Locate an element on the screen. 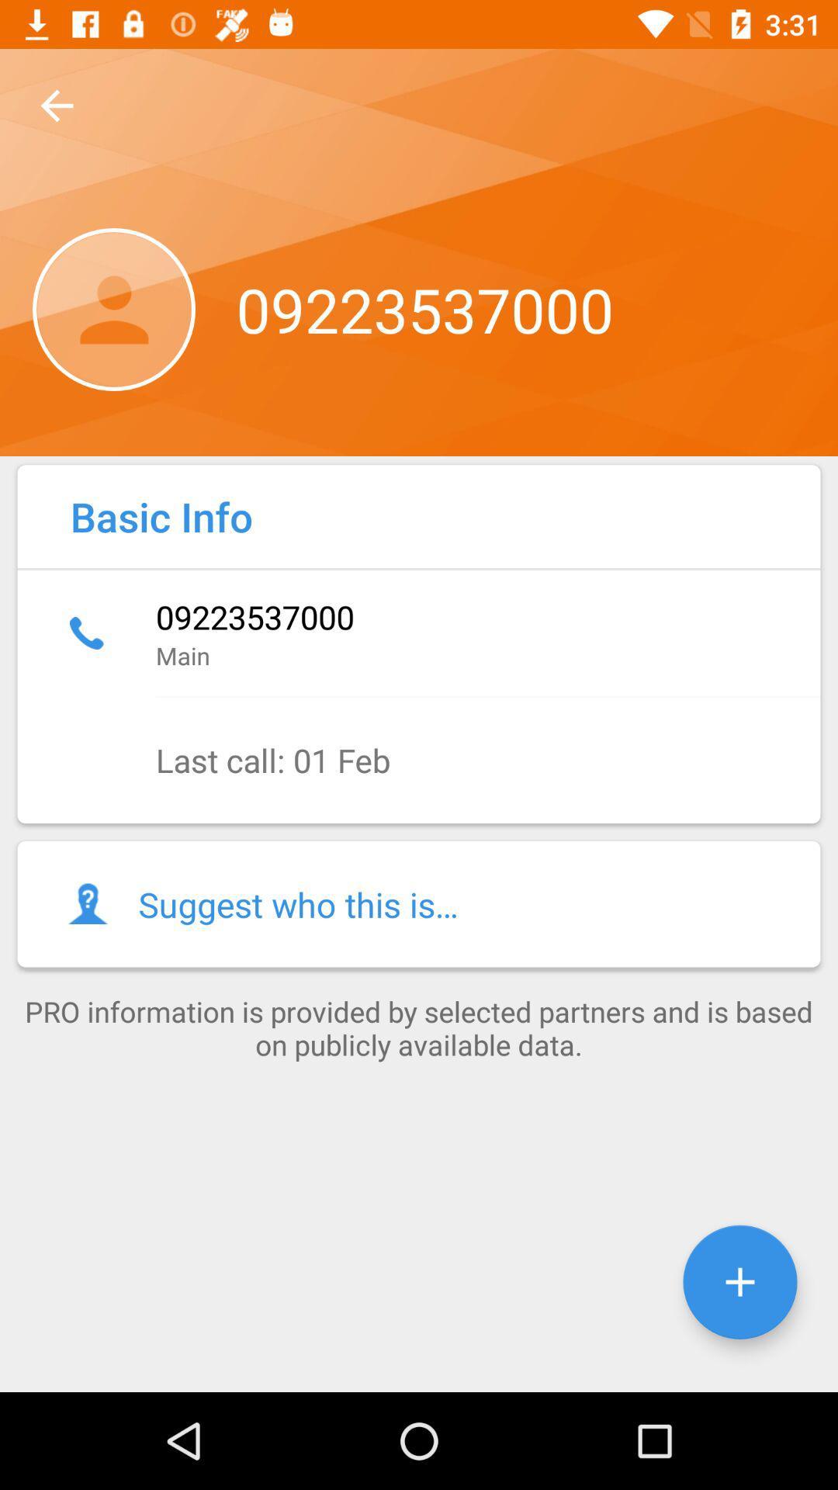 The height and width of the screenshot is (1490, 838). the last call 01 is located at coordinates (419, 760).